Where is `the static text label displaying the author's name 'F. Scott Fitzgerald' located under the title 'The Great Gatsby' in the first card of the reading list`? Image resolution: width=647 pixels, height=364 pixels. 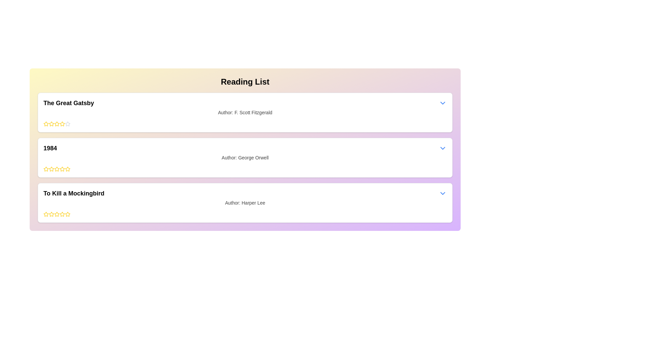
the static text label displaying the author's name 'F. Scott Fitzgerald' located under the title 'The Great Gatsby' in the first card of the reading list is located at coordinates (245, 112).